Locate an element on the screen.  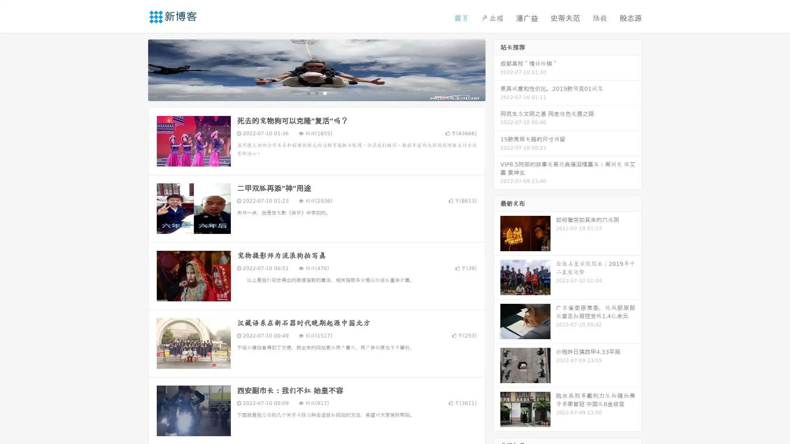
Go to slide 1 is located at coordinates (308, 92).